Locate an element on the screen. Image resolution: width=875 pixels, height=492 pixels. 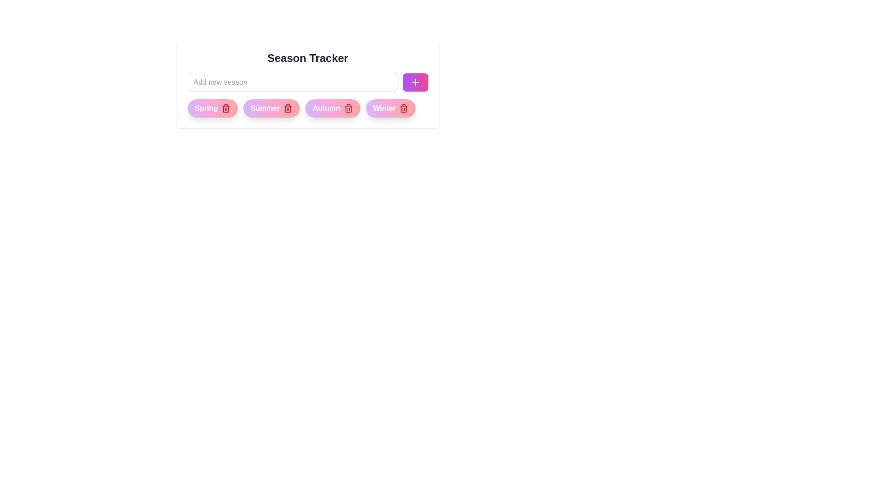
the 'Add new season' input field to focus on it is located at coordinates (292, 82).